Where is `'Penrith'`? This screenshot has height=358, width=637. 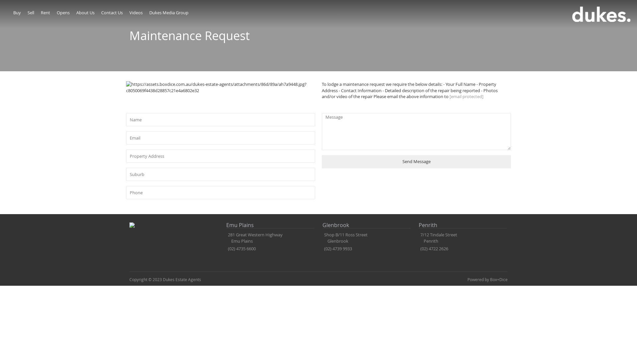 'Penrith' is located at coordinates (462, 225).